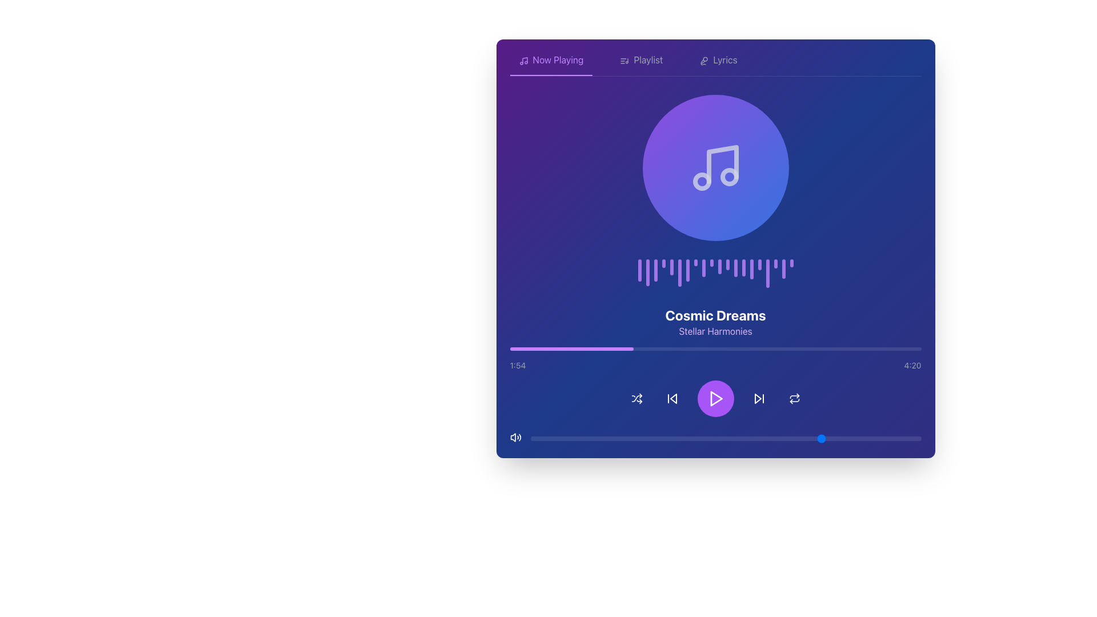 The image size is (1097, 617). Describe the element at coordinates (663, 263) in the screenshot. I see `the fourth decorative visual bar in the audio spectrum display, which complements the music playback theme of the interface` at that location.